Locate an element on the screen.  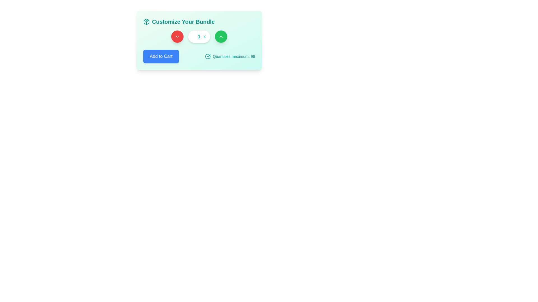
the increment button with an upward-pointing chevron icon located in the 'Customize Your Bundle' interface for accessibility is located at coordinates (221, 37).